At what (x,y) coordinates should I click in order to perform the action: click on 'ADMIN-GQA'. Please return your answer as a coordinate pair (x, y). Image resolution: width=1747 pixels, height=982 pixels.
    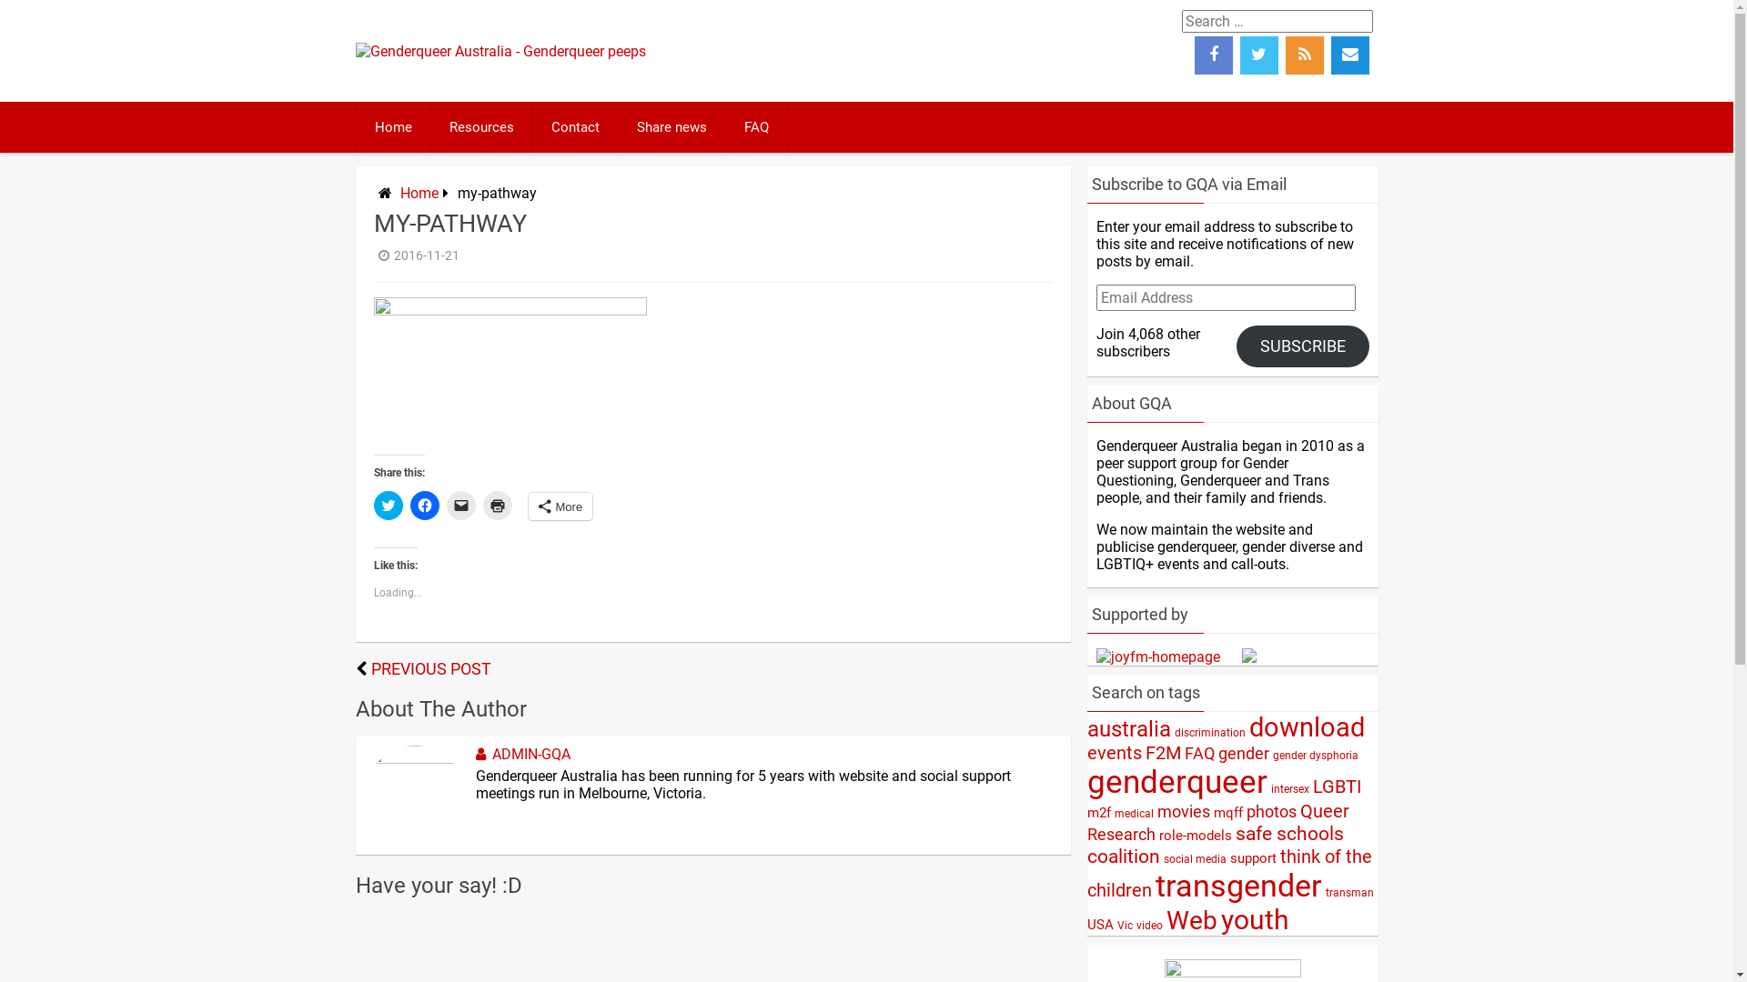
    Looking at the image, I should click on (519, 754).